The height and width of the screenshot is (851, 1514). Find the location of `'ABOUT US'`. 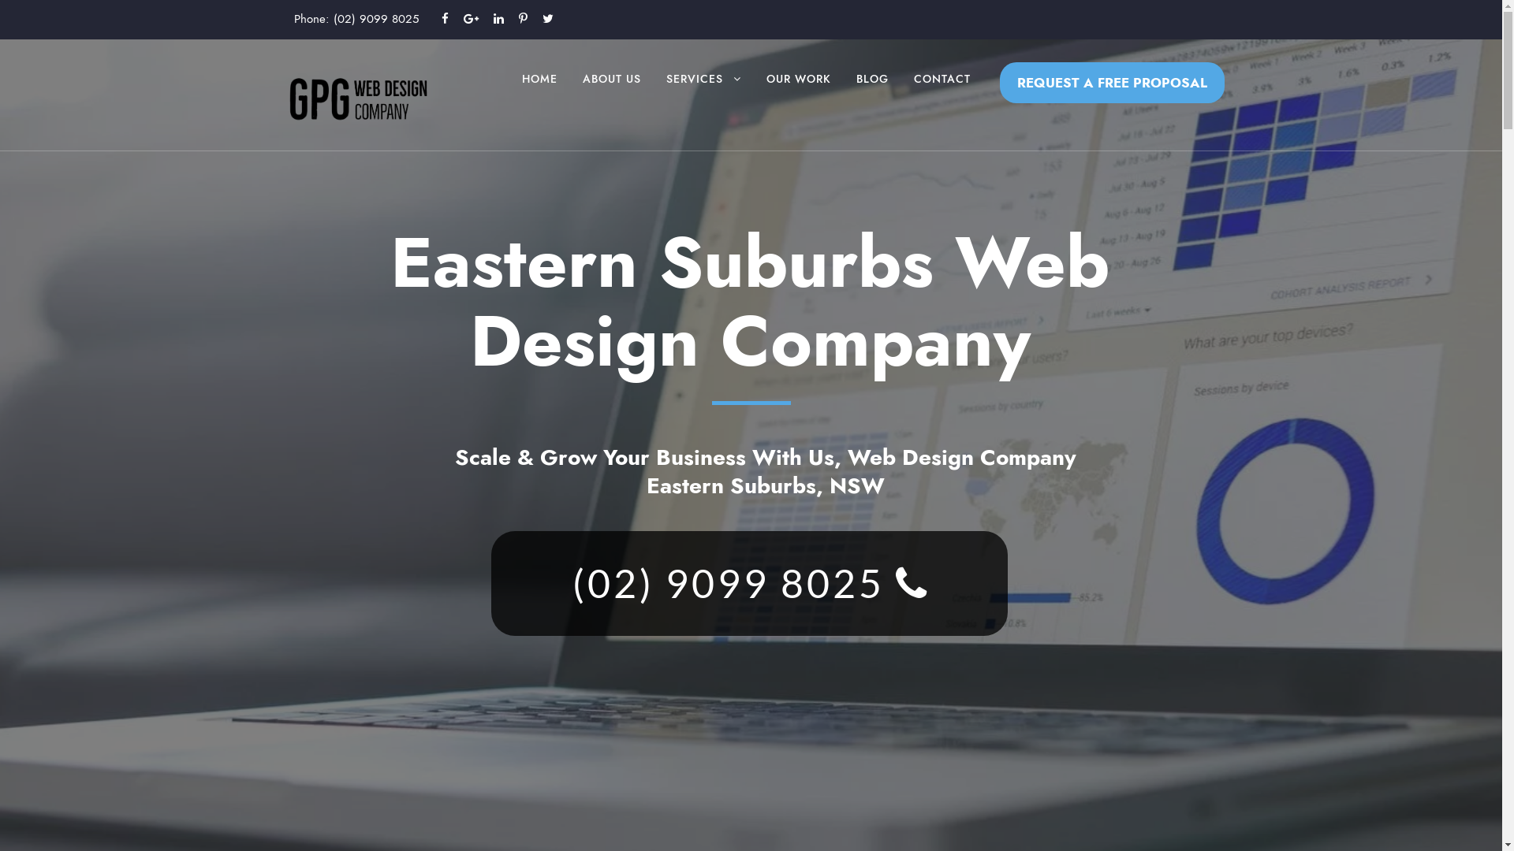

'ABOUT US' is located at coordinates (581, 94).